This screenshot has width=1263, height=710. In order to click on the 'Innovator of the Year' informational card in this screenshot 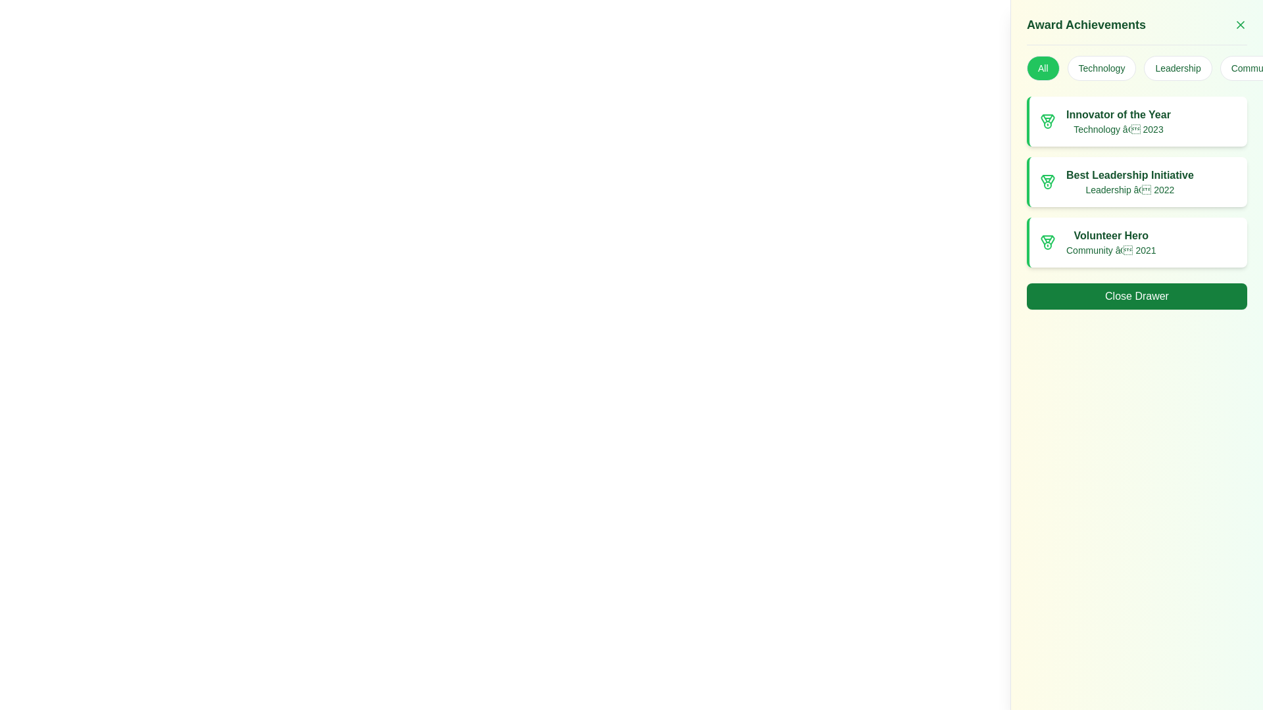, I will do `click(1136, 122)`.